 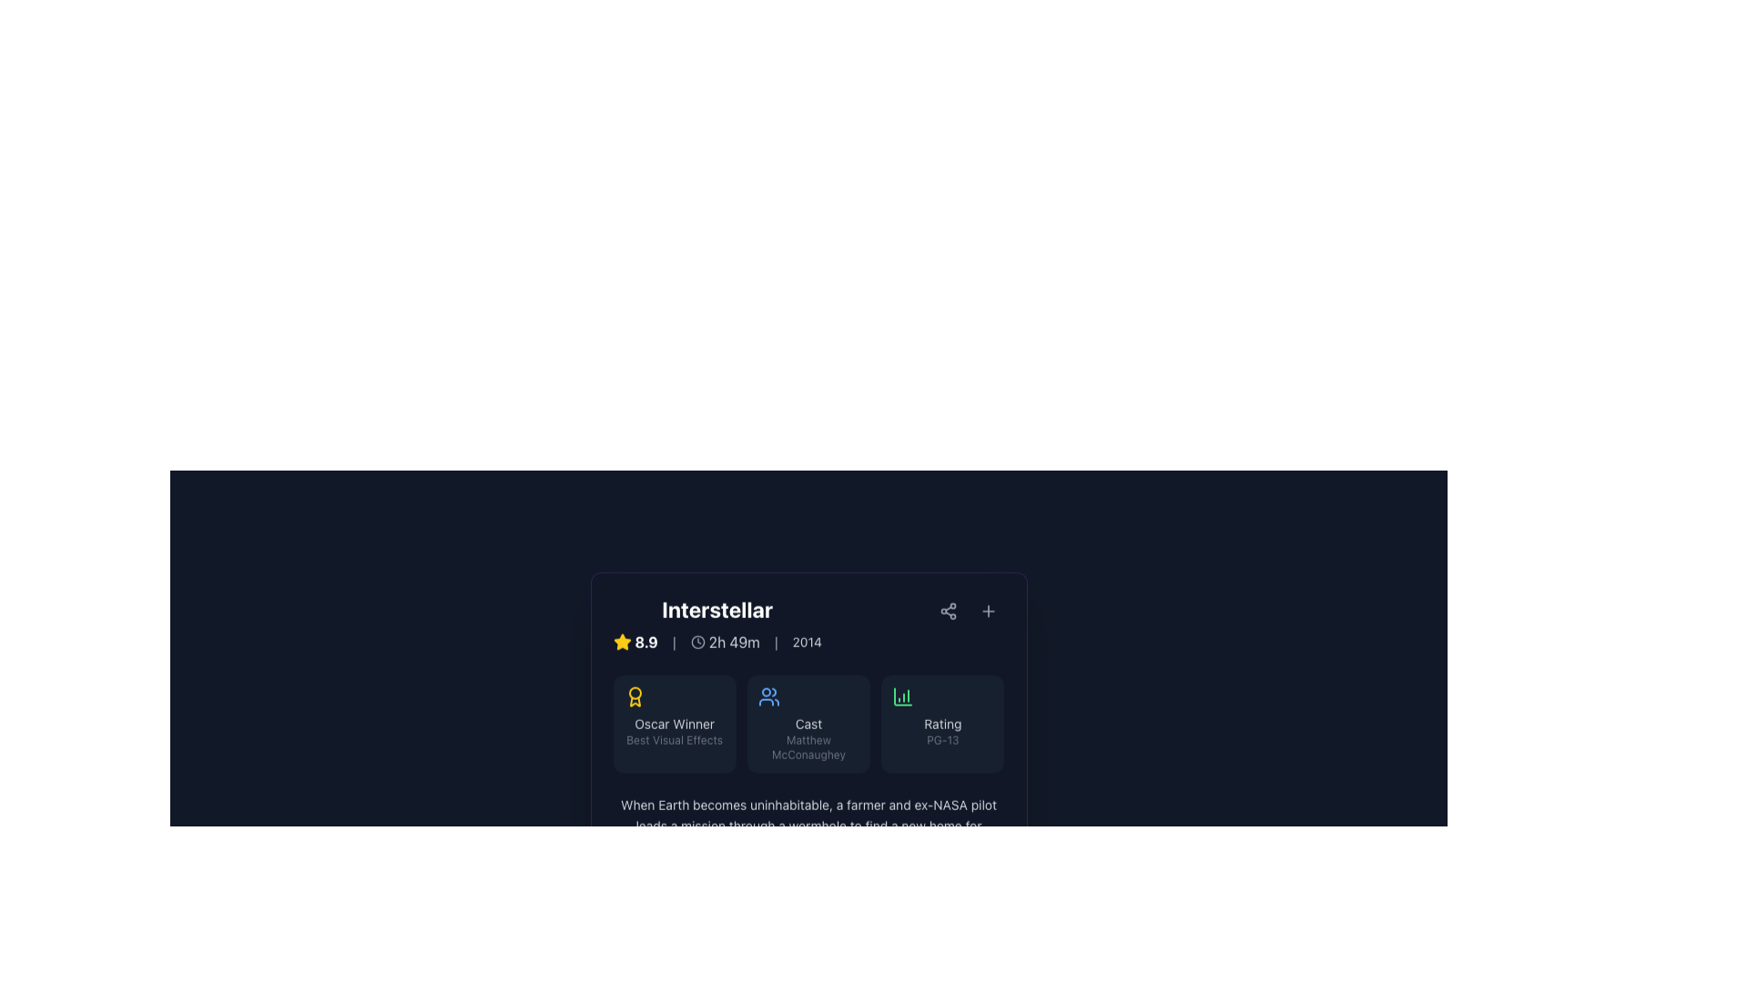 What do you see at coordinates (808, 723) in the screenshot?
I see `the icons in the grid layout for more information about the movie 'Interstellar', located at the center of the modal card below the film summary and rating` at bounding box center [808, 723].